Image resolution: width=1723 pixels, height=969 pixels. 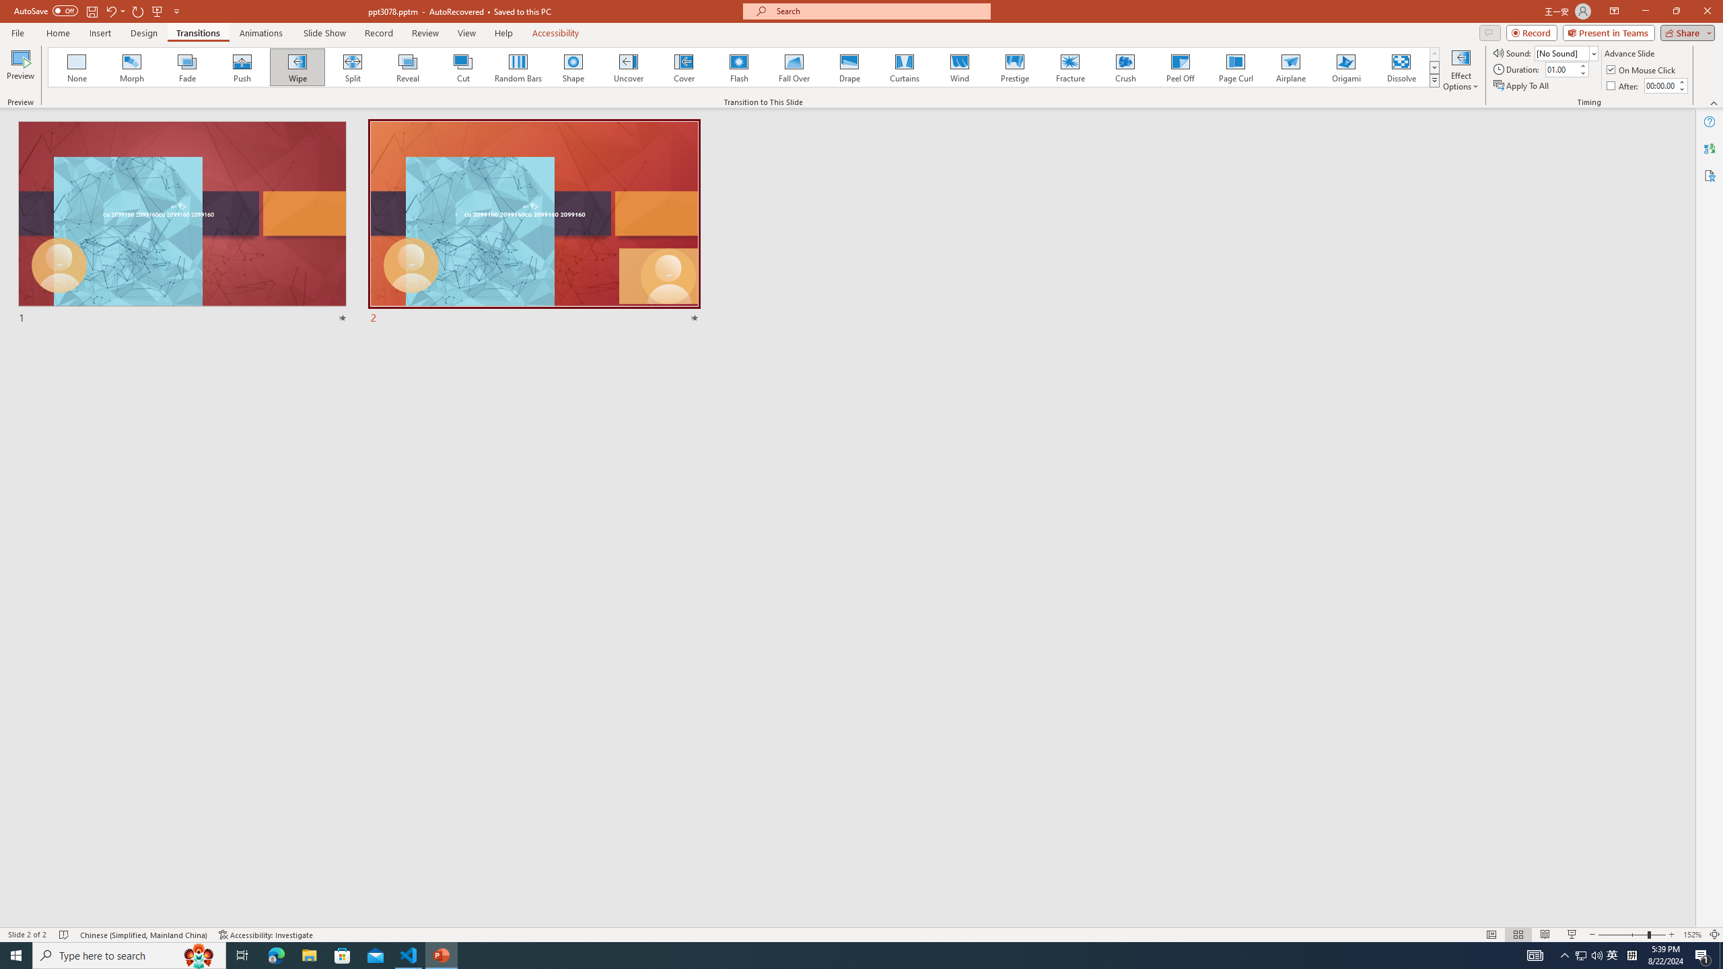 I want to click on 'Crush', so click(x=1125, y=67).